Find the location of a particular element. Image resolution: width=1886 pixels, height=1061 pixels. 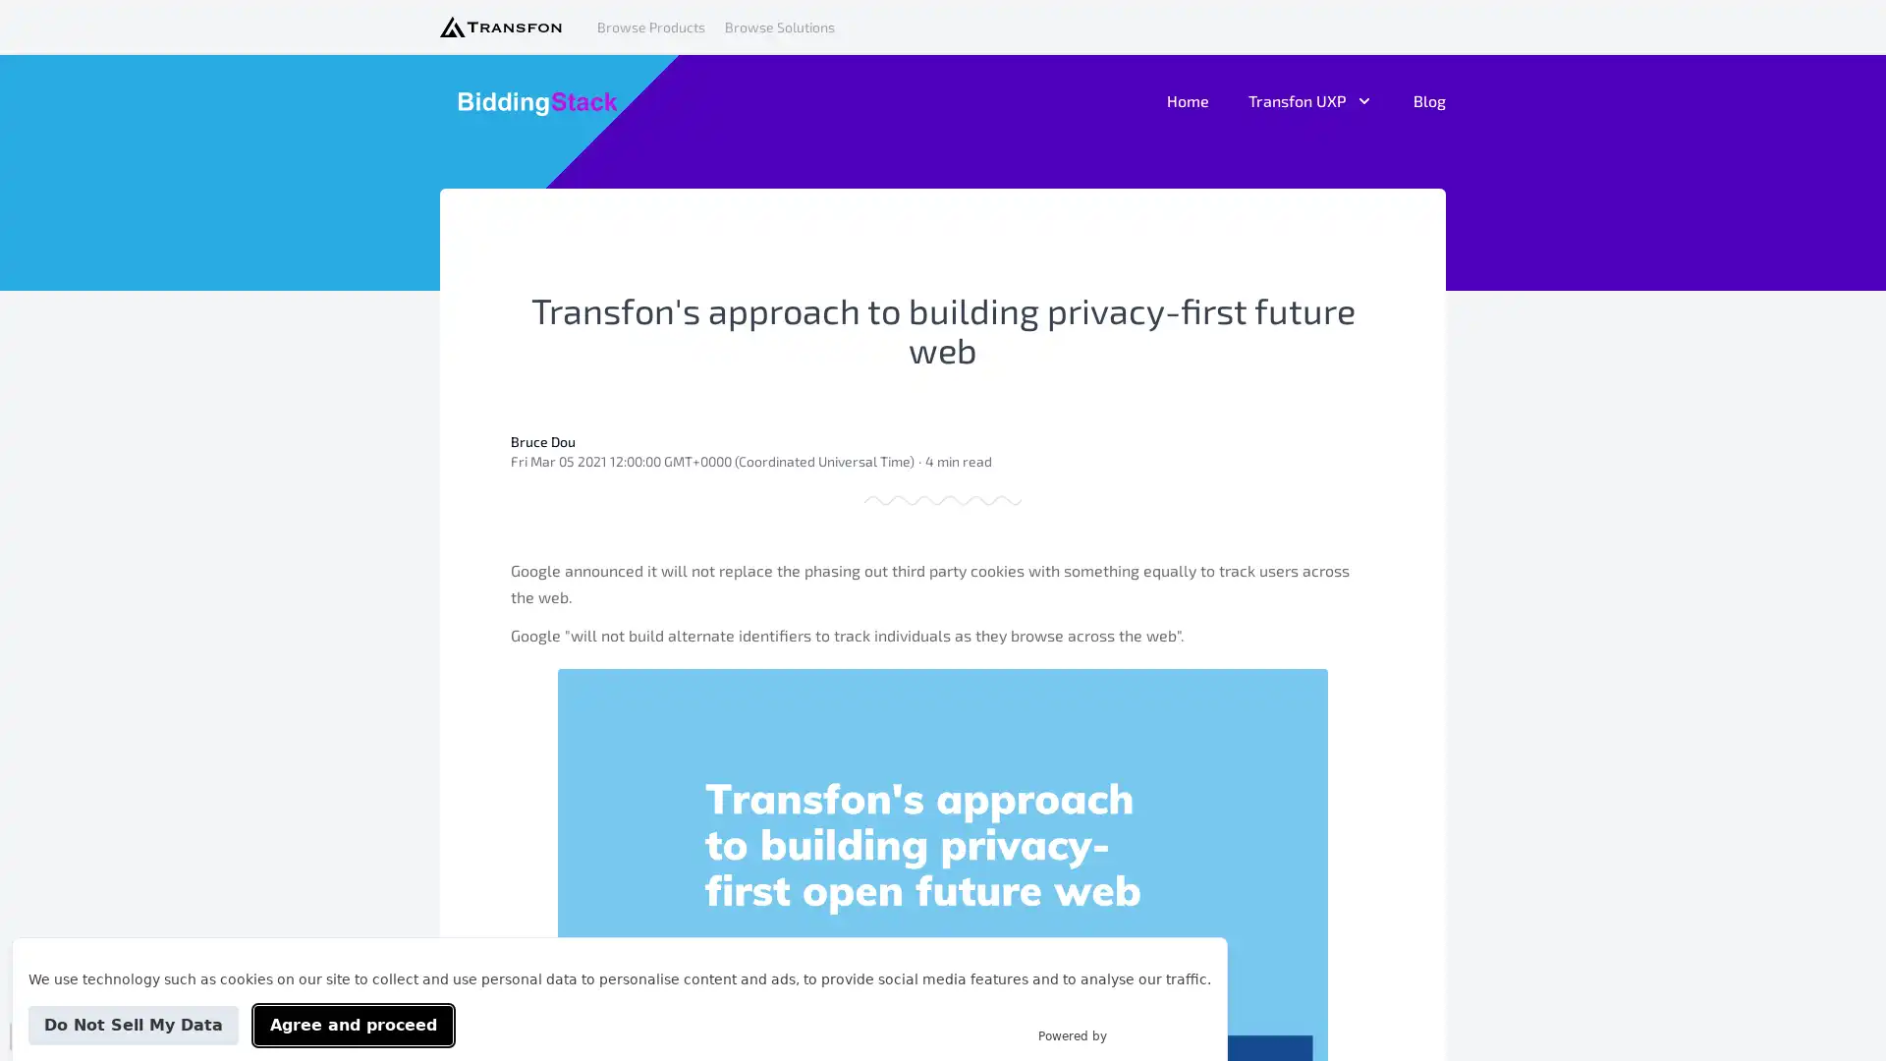

Agree and proceed is located at coordinates (354, 1025).